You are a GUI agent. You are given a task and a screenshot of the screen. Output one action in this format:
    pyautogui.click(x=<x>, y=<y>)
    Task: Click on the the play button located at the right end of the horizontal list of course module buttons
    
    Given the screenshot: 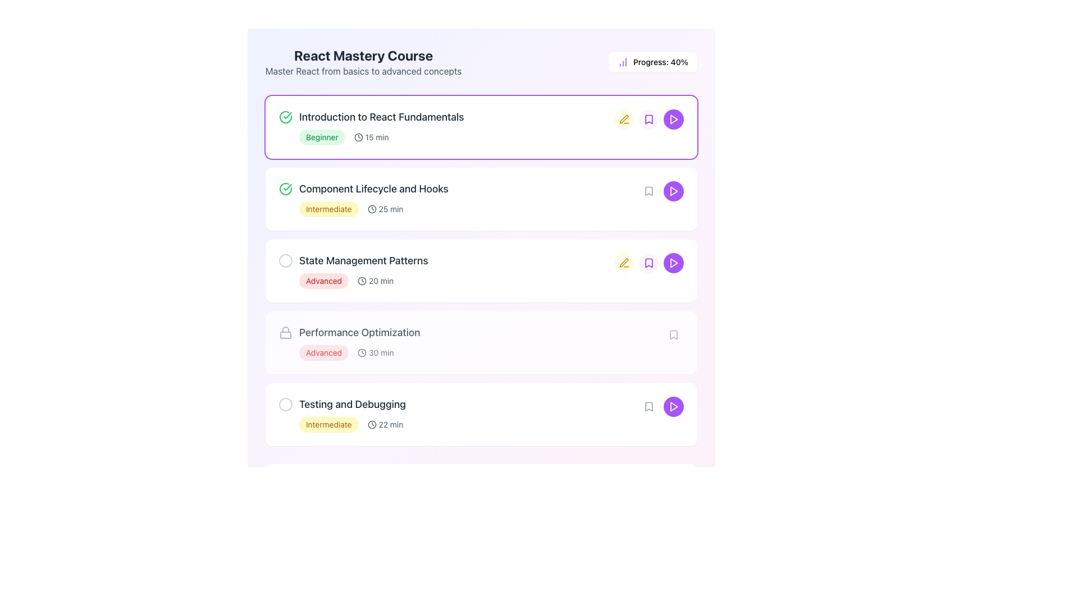 What is the action you would take?
    pyautogui.click(x=674, y=119)
    